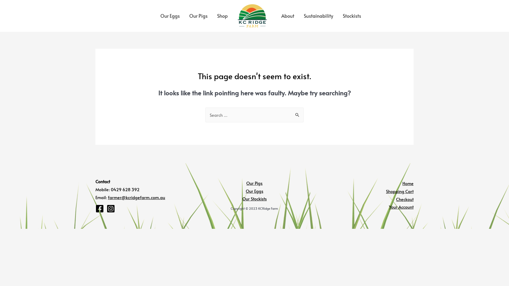 The height and width of the screenshot is (286, 509). I want to click on 'About', so click(287, 16).